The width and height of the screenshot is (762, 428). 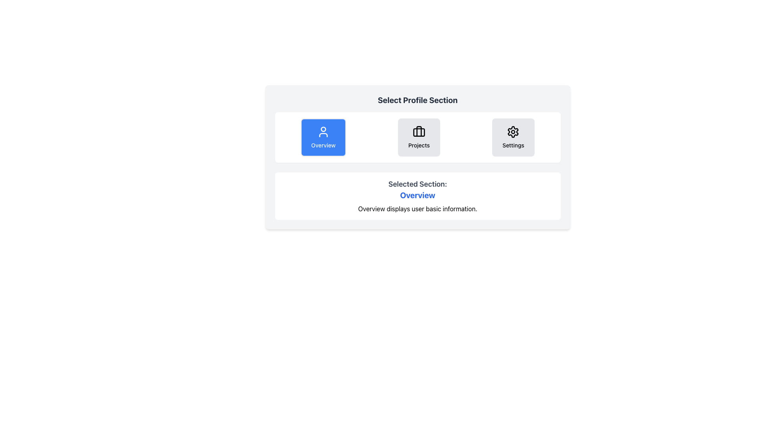 I want to click on the 'Projects' button, which is the middle option in a group of three buttons labeled 'Overview', 'Projects', and 'Settings', where 'Overview' is highlighted in blue and 'Projects' is selected, so click(x=417, y=137).